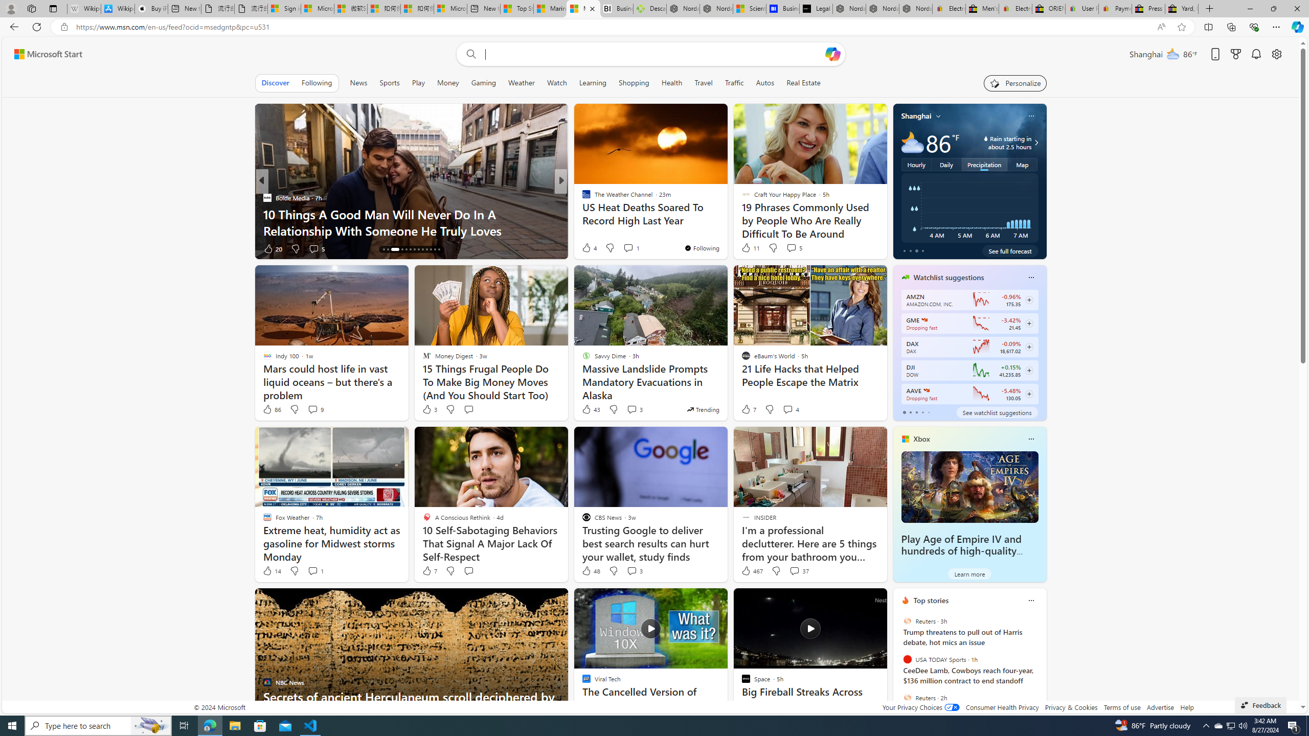 This screenshot has height=736, width=1309. What do you see at coordinates (581, 197) in the screenshot?
I see `'BBC'` at bounding box center [581, 197].